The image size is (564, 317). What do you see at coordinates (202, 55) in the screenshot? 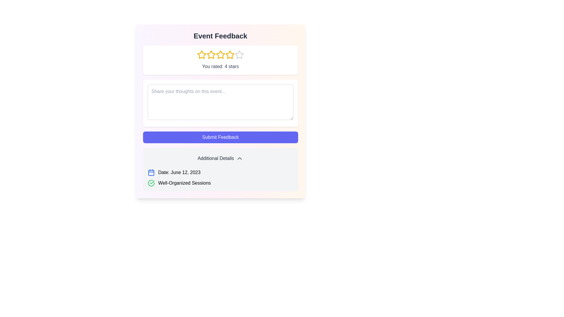
I see `the first bright yellow star icon to rate the event one star, located below the 'Event Feedback' heading` at bounding box center [202, 55].